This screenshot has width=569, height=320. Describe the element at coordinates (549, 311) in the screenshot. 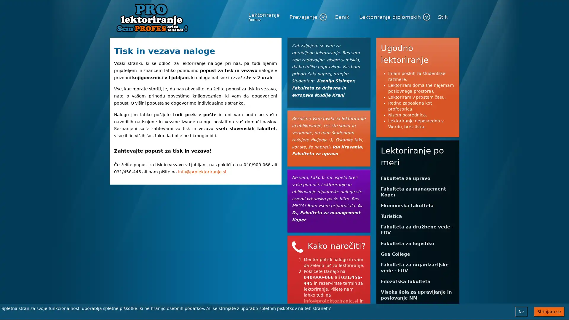

I see `Strinjam se` at that location.